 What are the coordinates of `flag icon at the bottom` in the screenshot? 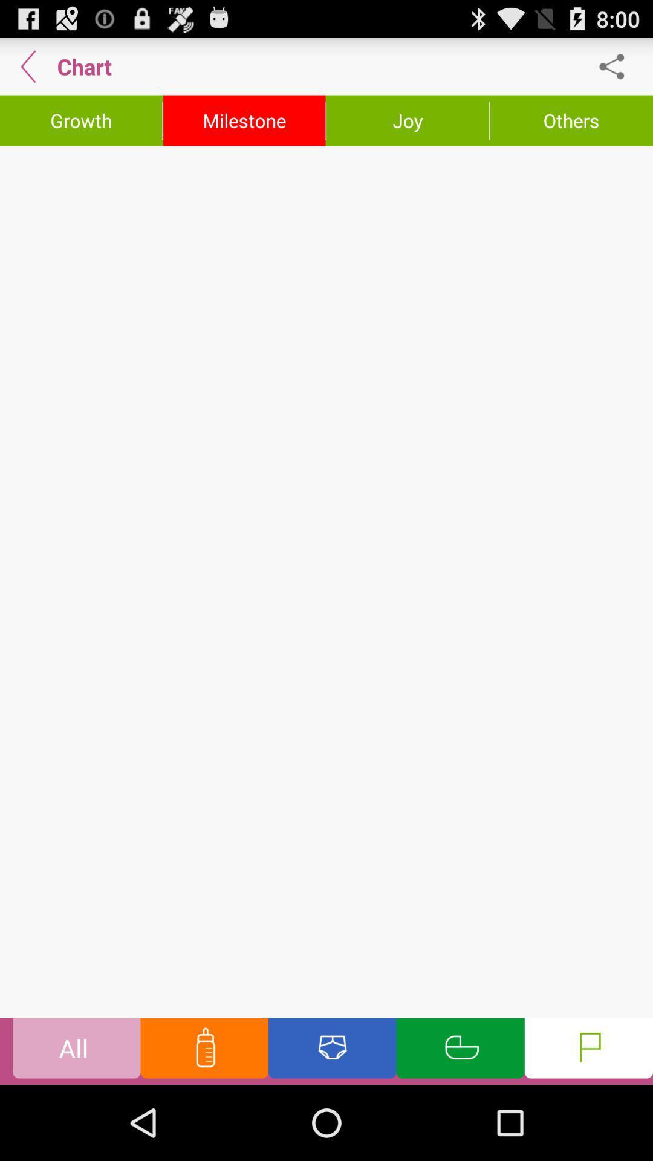 It's located at (588, 1050).